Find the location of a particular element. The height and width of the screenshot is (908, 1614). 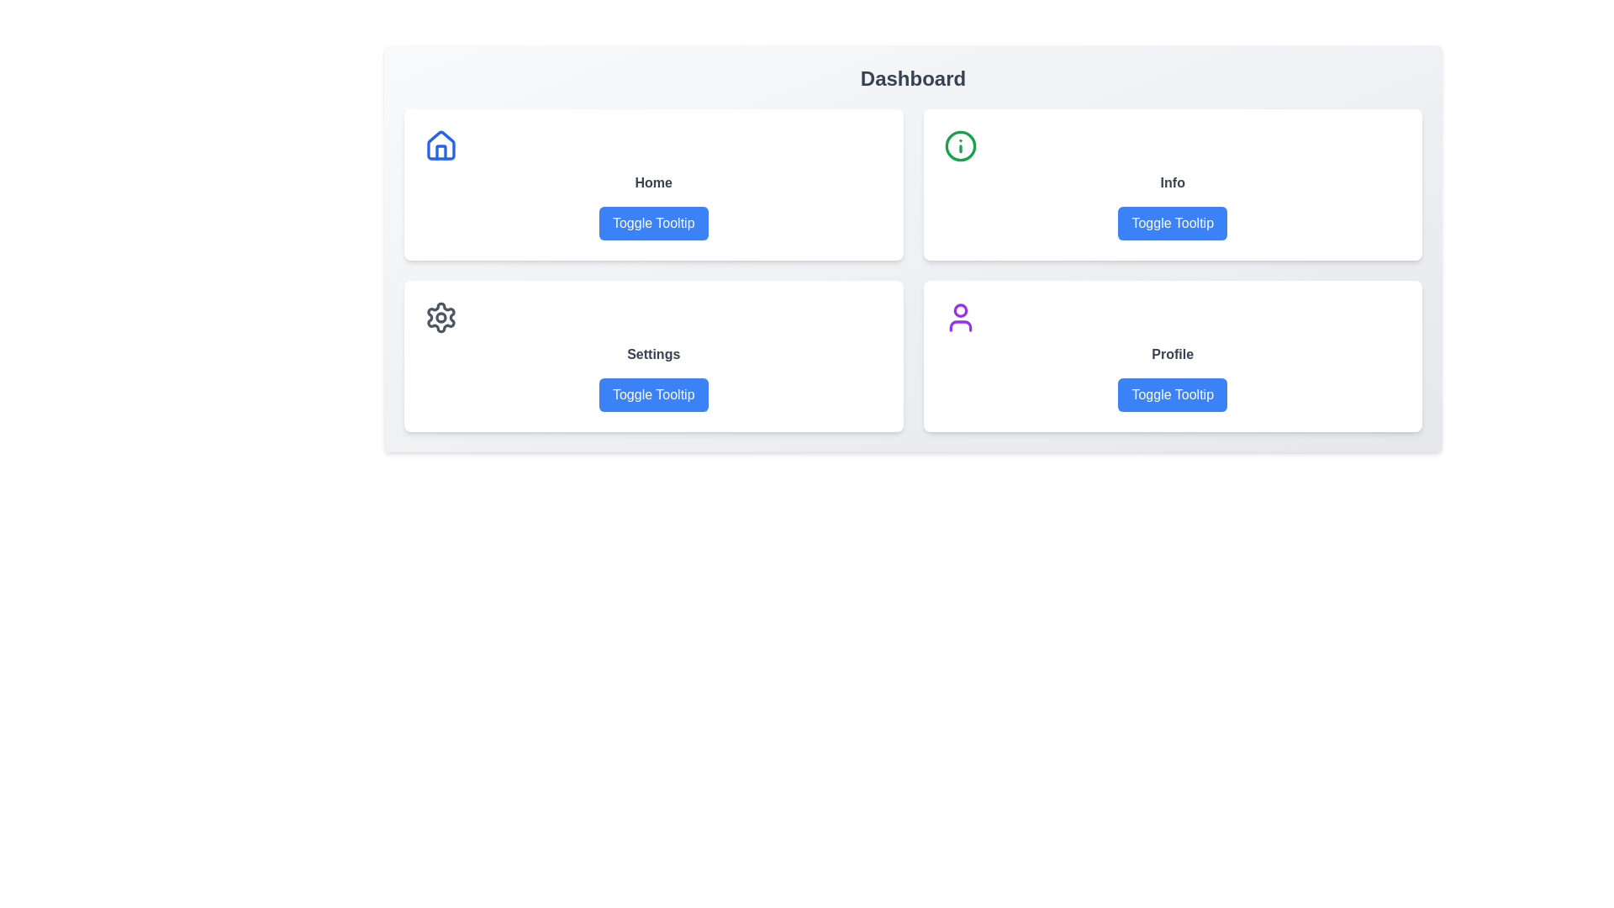

the gear-shaped settings icon located at the top of the 'Settings' card is located at coordinates (440, 318).